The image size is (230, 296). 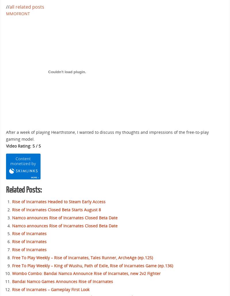 I want to click on 'Rise of Incarnates Closed Beta Starts August 8', so click(x=56, y=209).